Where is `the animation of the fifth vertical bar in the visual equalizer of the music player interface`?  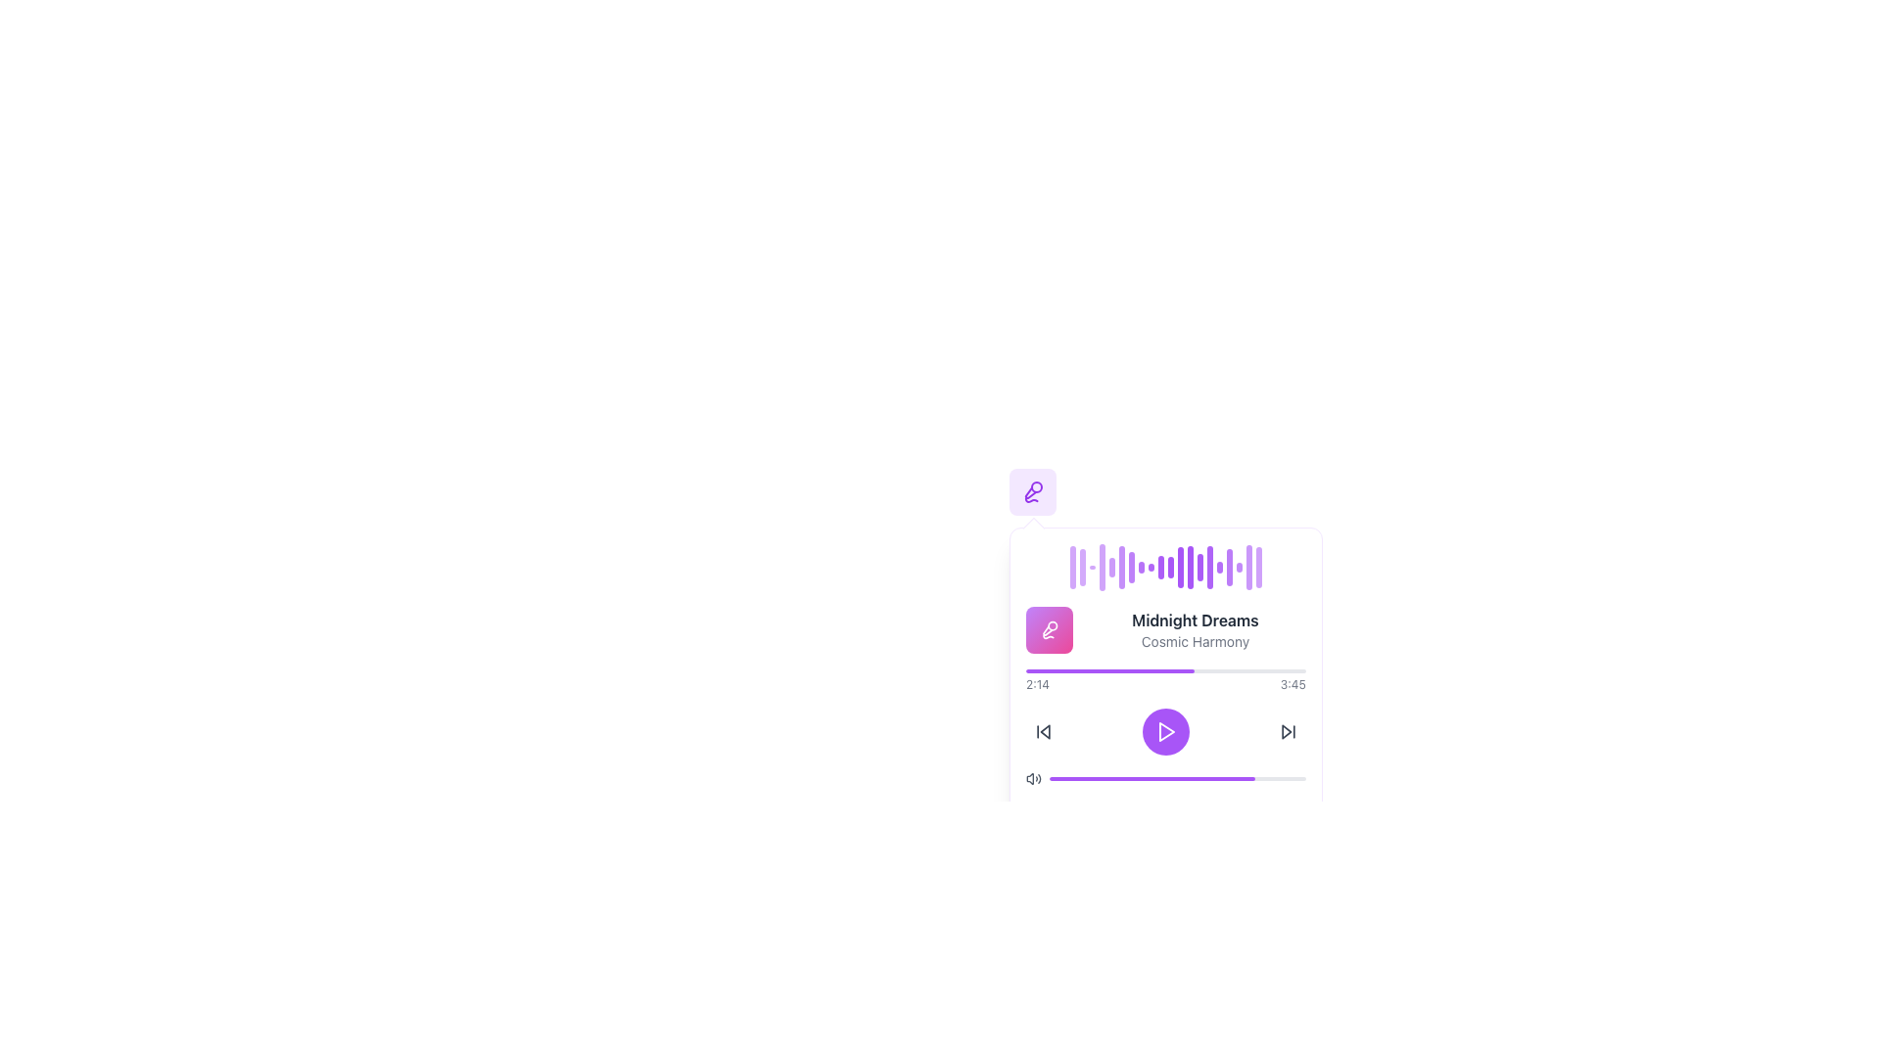
the animation of the fifth vertical bar in the visual equalizer of the music player interface is located at coordinates (1112, 567).